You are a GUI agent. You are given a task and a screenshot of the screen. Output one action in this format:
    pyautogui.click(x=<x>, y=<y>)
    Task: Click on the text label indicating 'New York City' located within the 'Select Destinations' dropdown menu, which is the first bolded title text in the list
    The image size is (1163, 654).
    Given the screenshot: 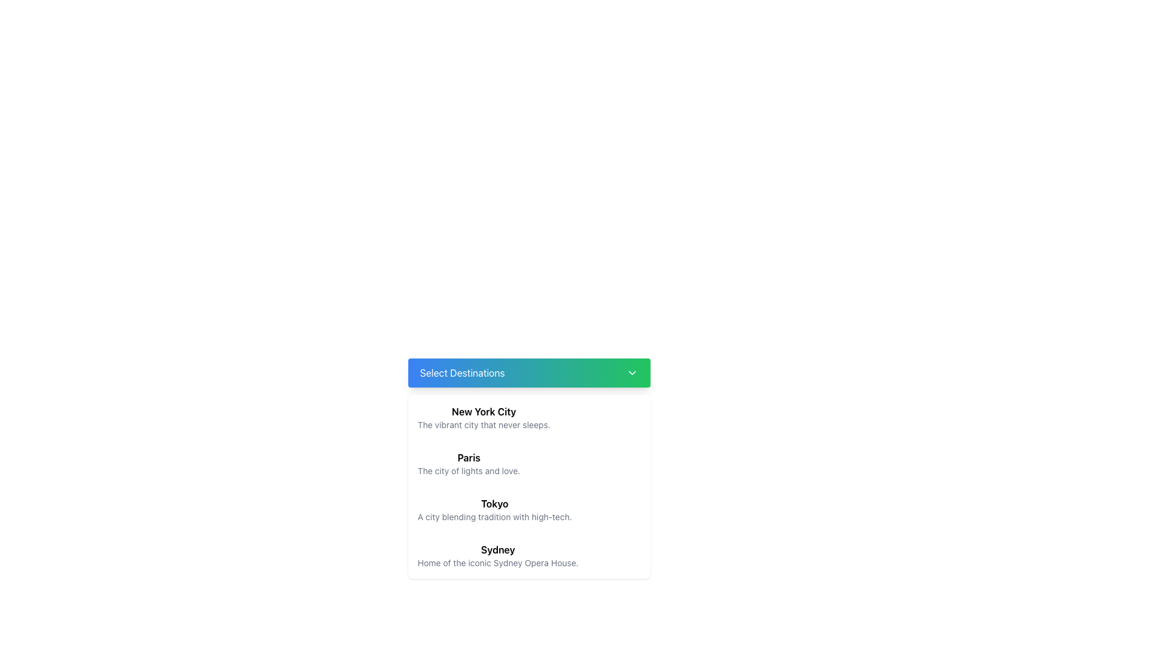 What is the action you would take?
    pyautogui.click(x=483, y=411)
    